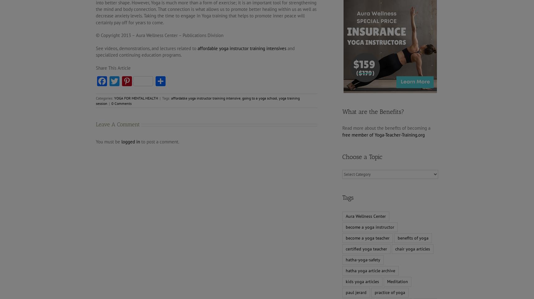  Describe the element at coordinates (347, 198) in the screenshot. I see `'Tags'` at that location.